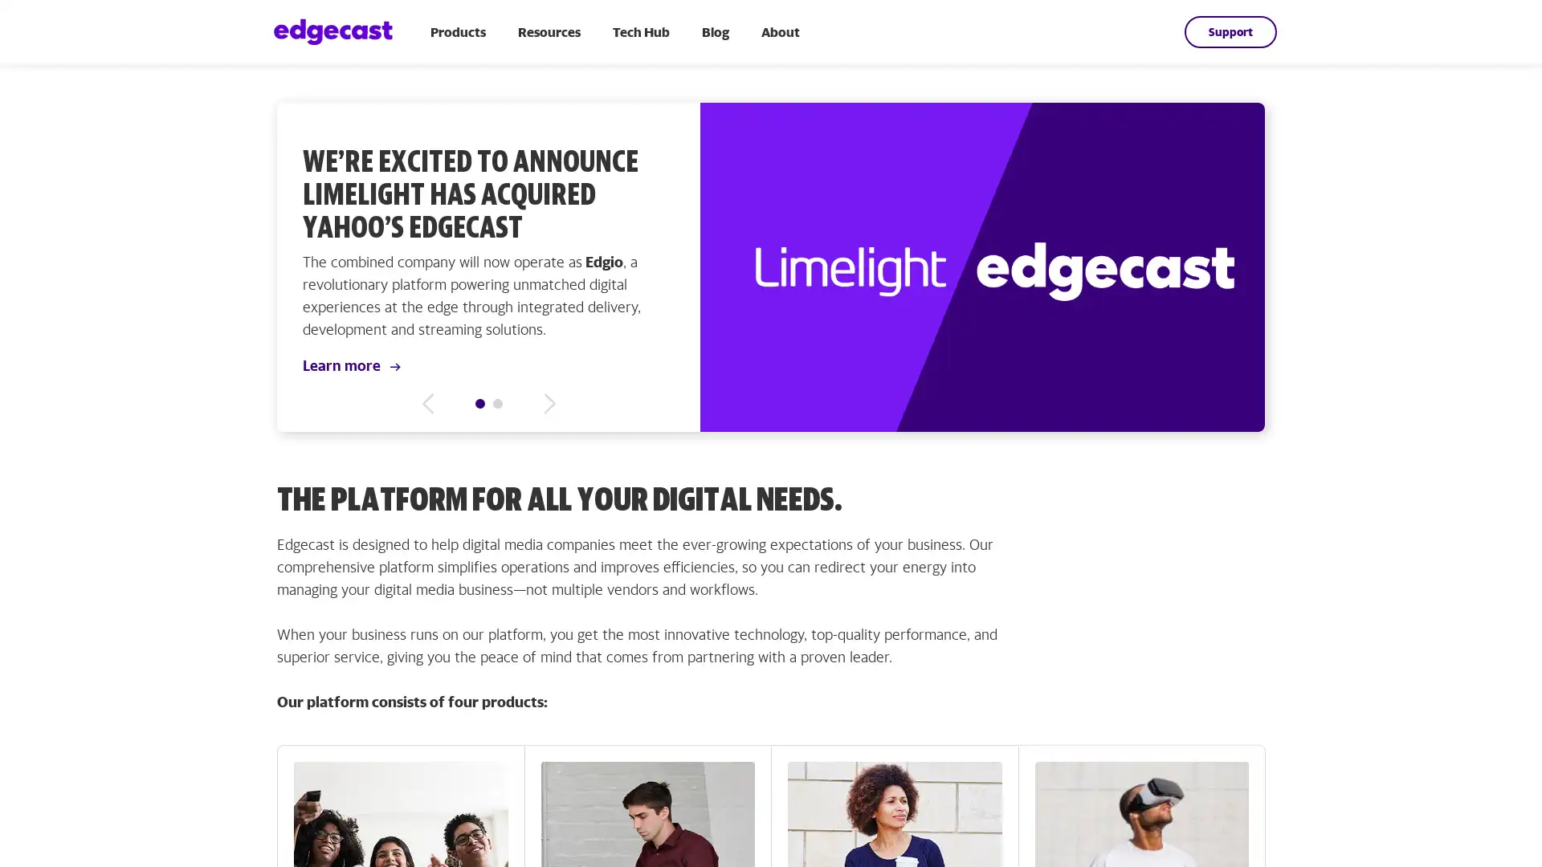 The width and height of the screenshot is (1542, 867). What do you see at coordinates (479, 402) in the screenshot?
I see `Show slide 1 of 2` at bounding box center [479, 402].